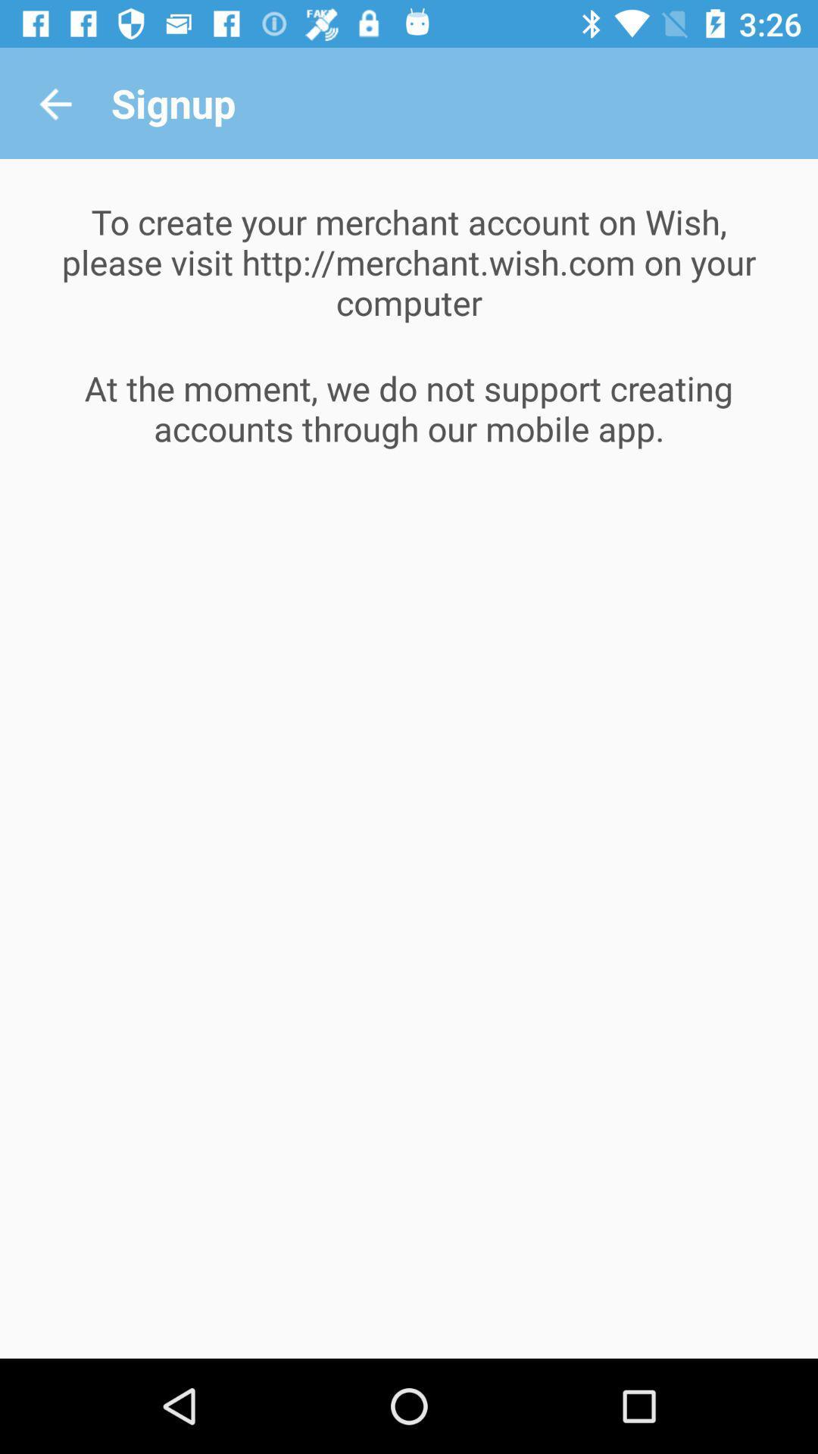 This screenshot has width=818, height=1454. Describe the element at coordinates (55, 102) in the screenshot. I see `icon to the left of the signup icon` at that location.